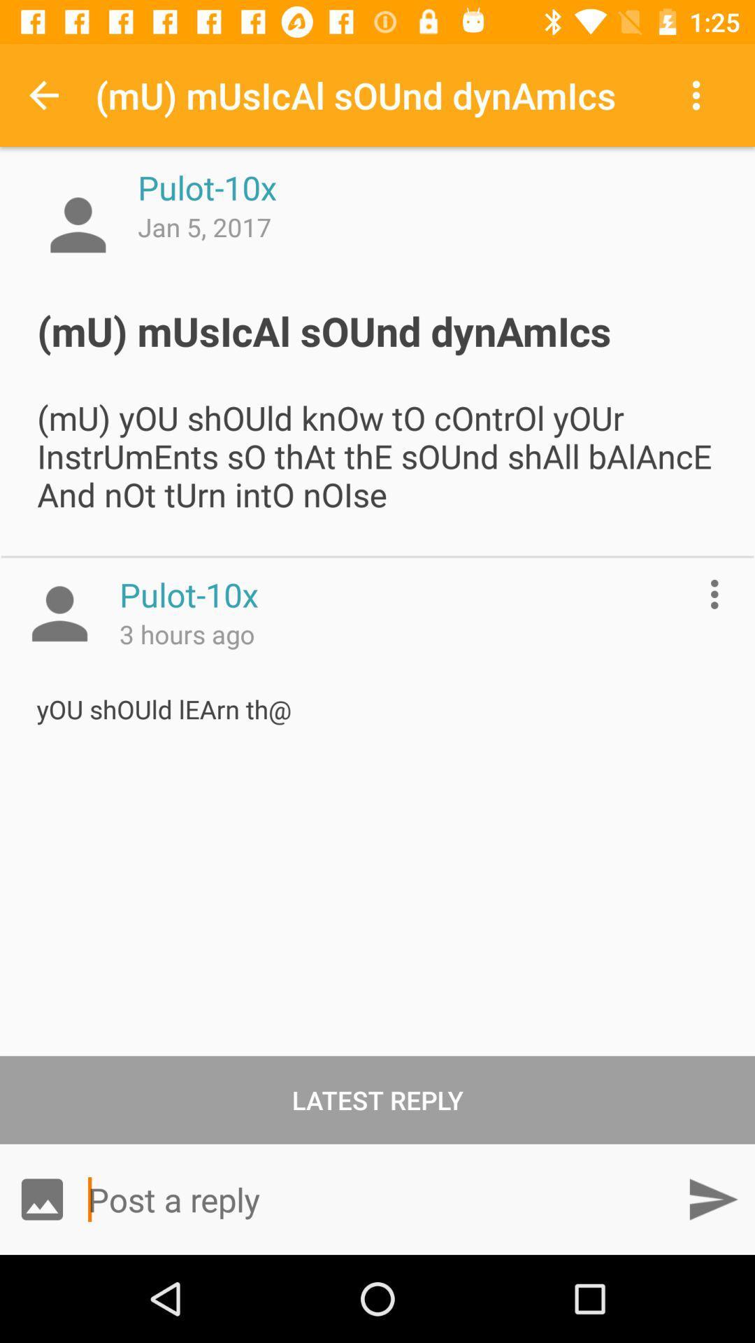  What do you see at coordinates (712, 1198) in the screenshot?
I see `item at the bottom right corner` at bounding box center [712, 1198].